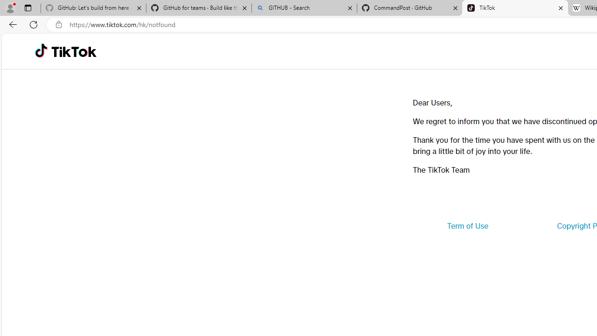  Describe the element at coordinates (304, 8) in the screenshot. I see `'GITHUB - Search'` at that location.